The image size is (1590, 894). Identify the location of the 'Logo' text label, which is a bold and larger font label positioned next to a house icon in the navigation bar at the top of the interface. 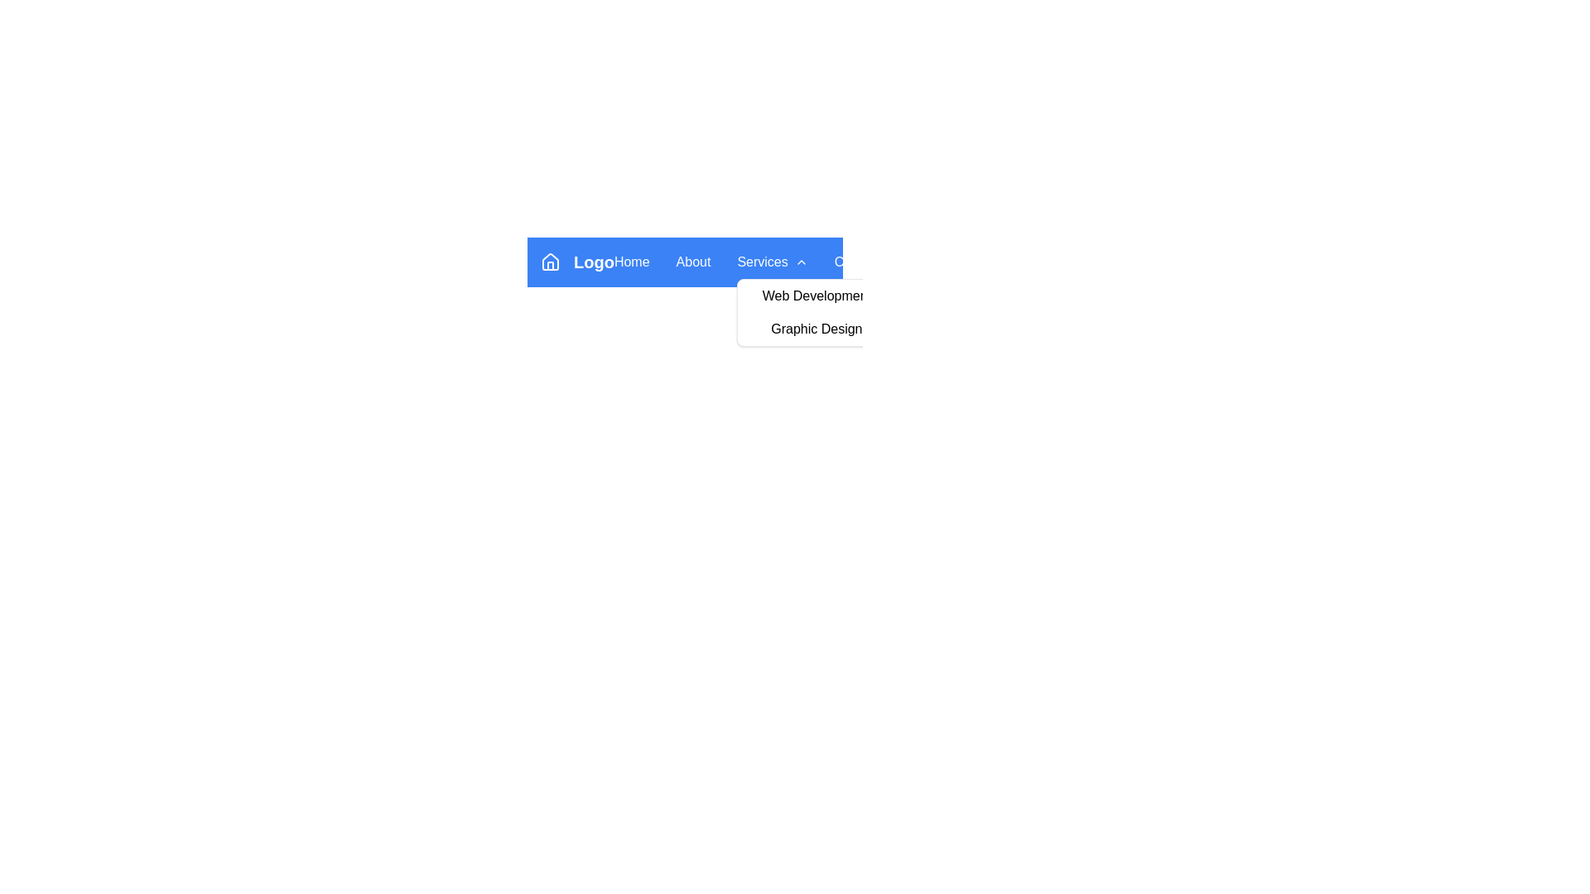
(577, 261).